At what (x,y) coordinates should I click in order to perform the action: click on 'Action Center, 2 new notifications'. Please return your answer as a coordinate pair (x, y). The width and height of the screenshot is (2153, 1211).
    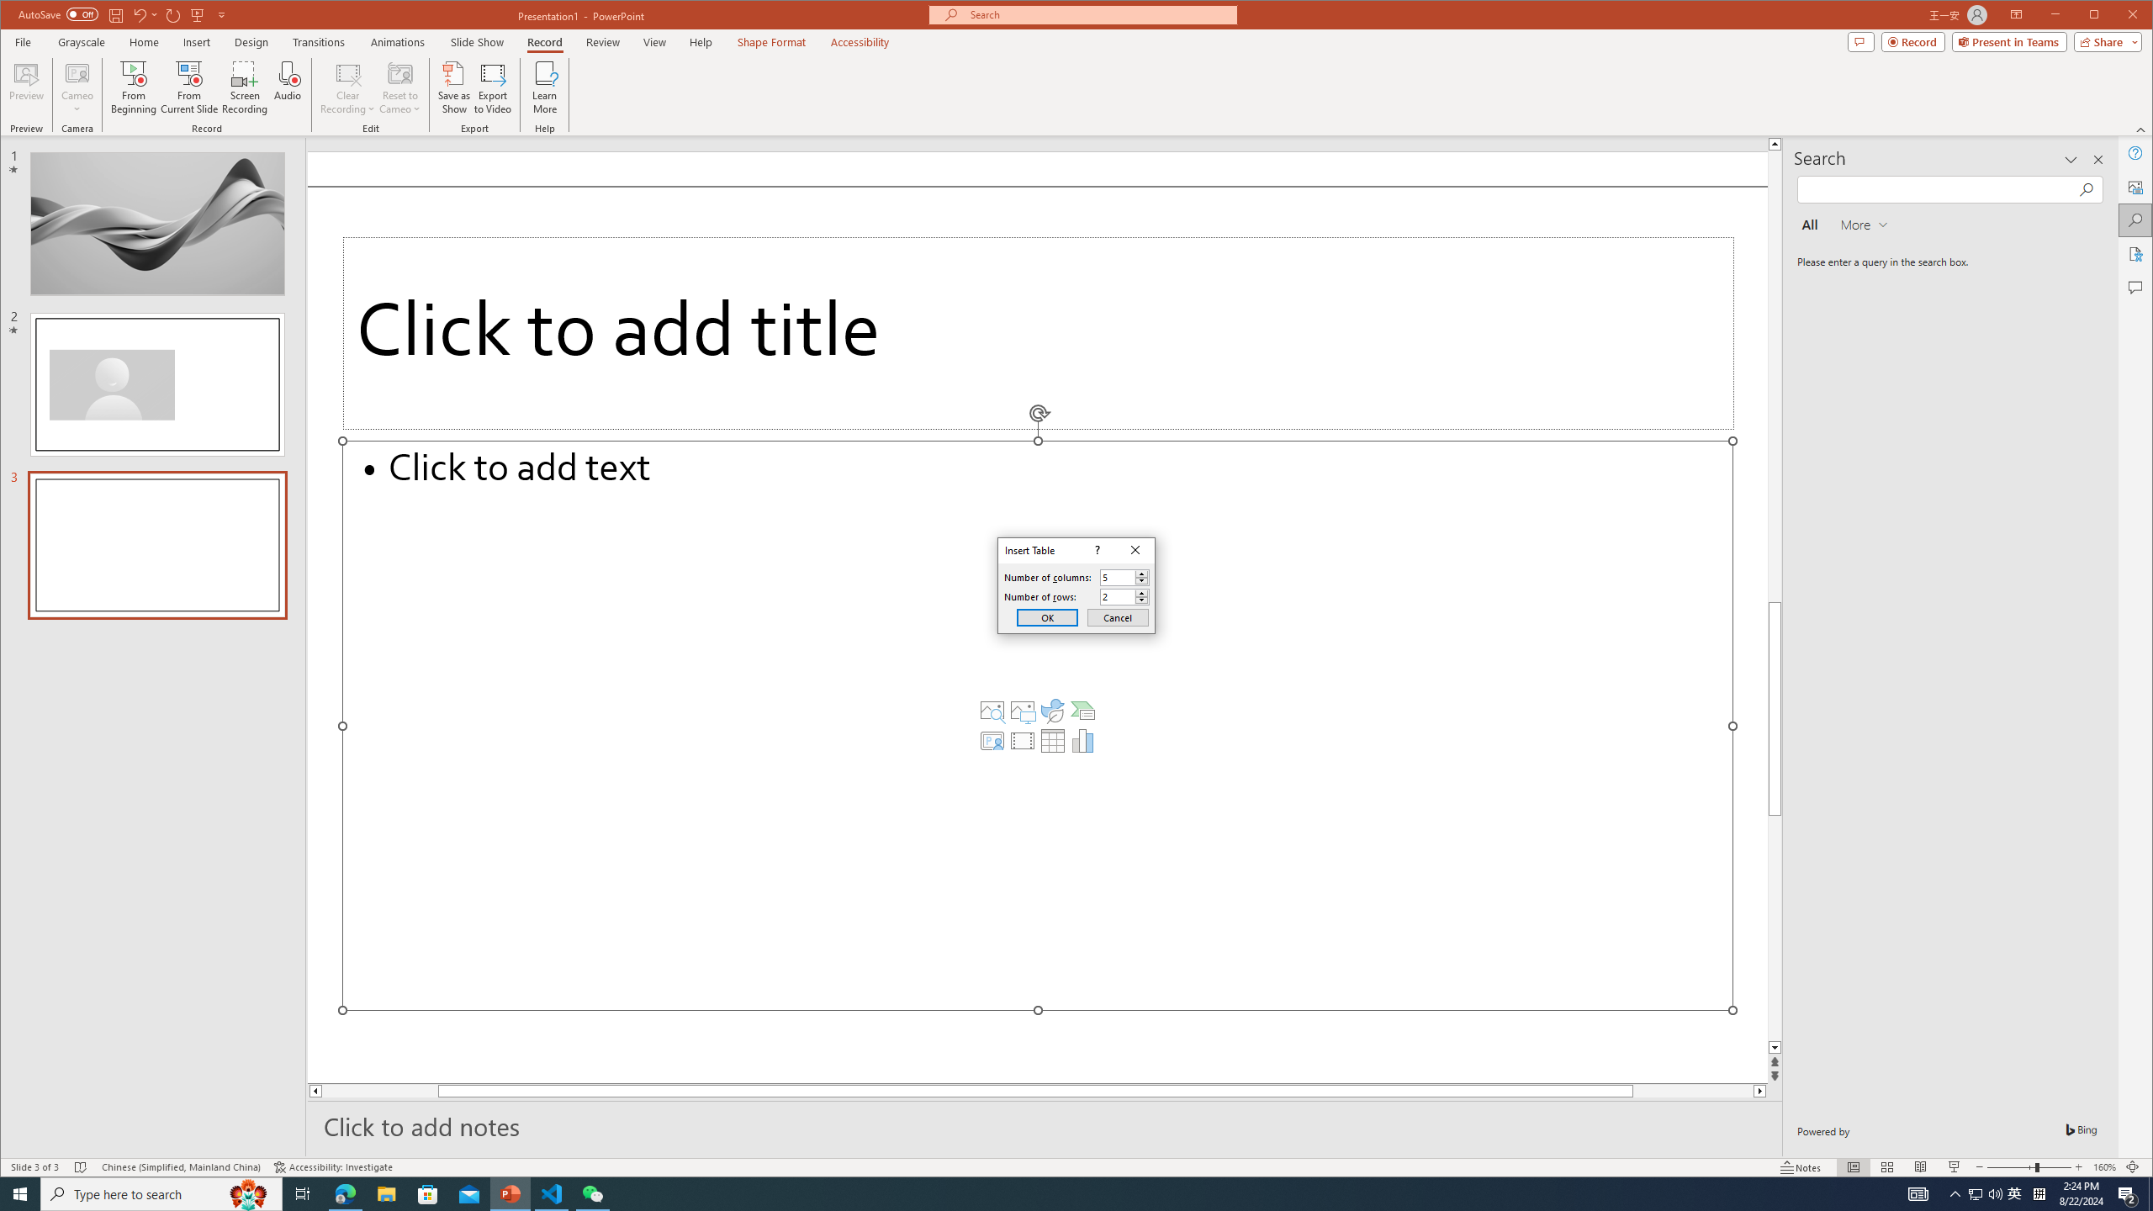
    Looking at the image, I should click on (2128, 1192).